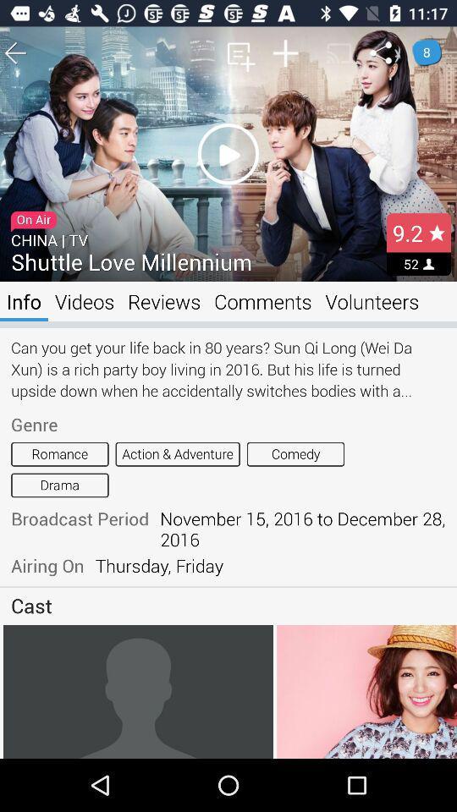  I want to click on the play icon, so click(228, 154).